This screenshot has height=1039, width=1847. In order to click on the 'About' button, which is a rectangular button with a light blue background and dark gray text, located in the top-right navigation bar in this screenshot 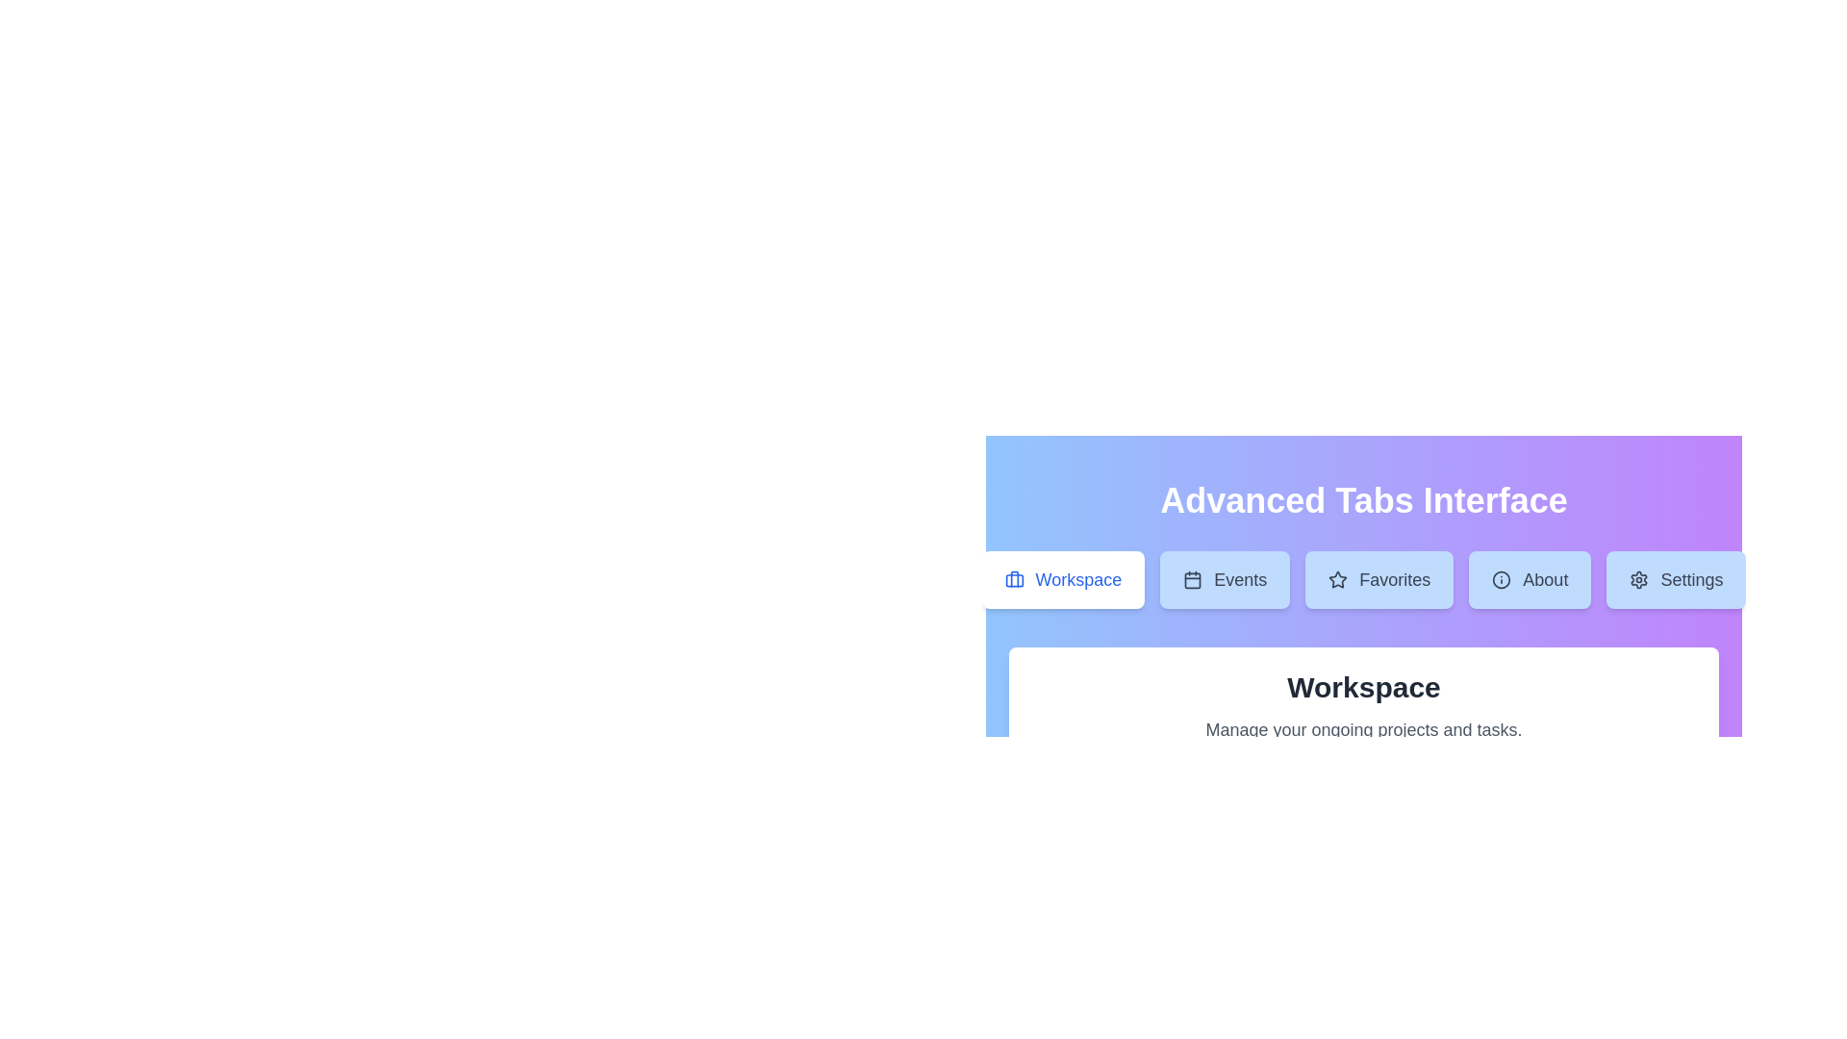, I will do `click(1528, 578)`.